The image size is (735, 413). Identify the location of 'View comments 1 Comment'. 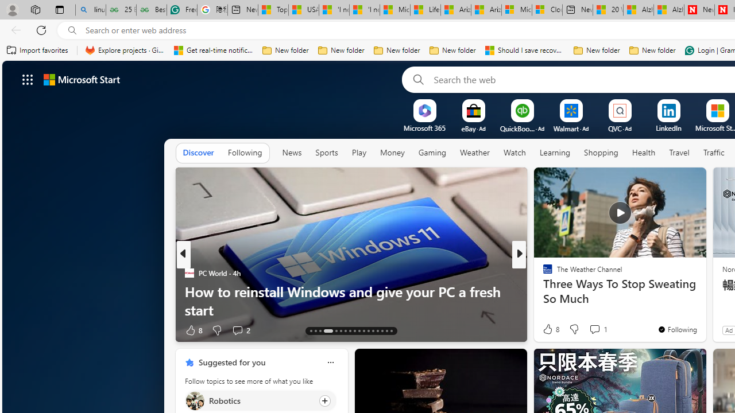
(597, 329).